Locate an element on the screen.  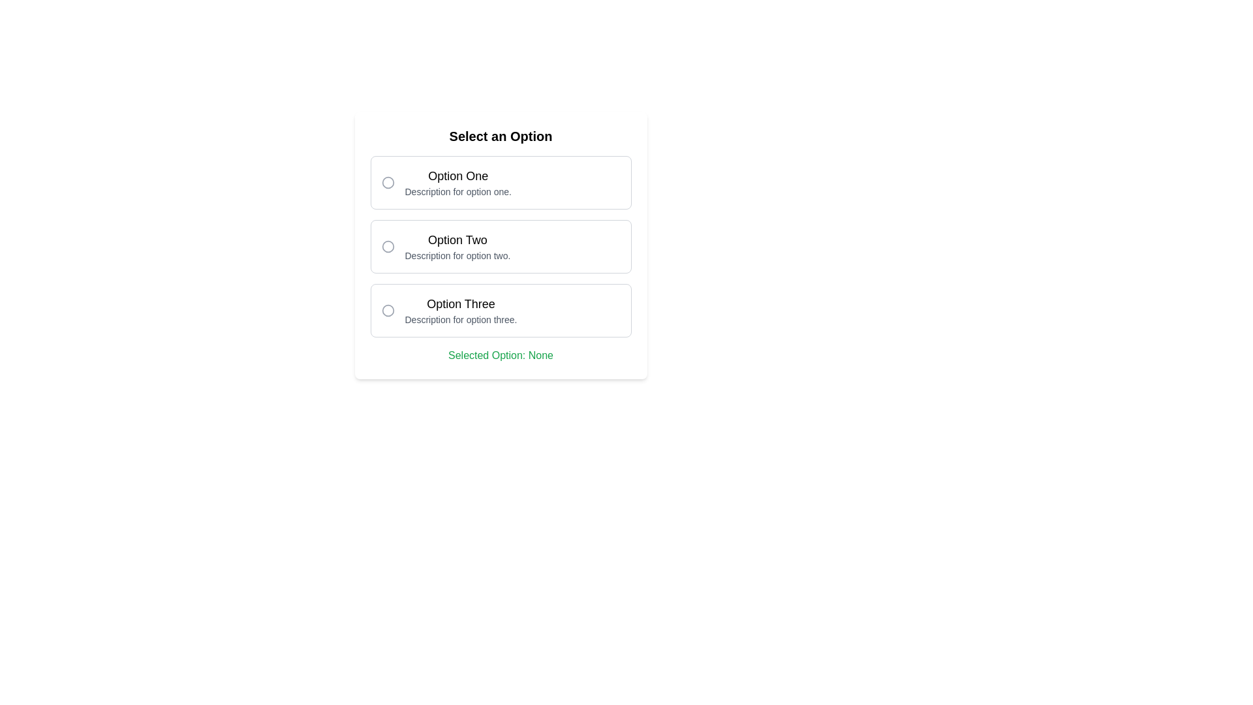
the text label that describes 'Option Two', which is the second selectable option in a vertical list between 'Option One' and 'Option Three' is located at coordinates (457, 247).